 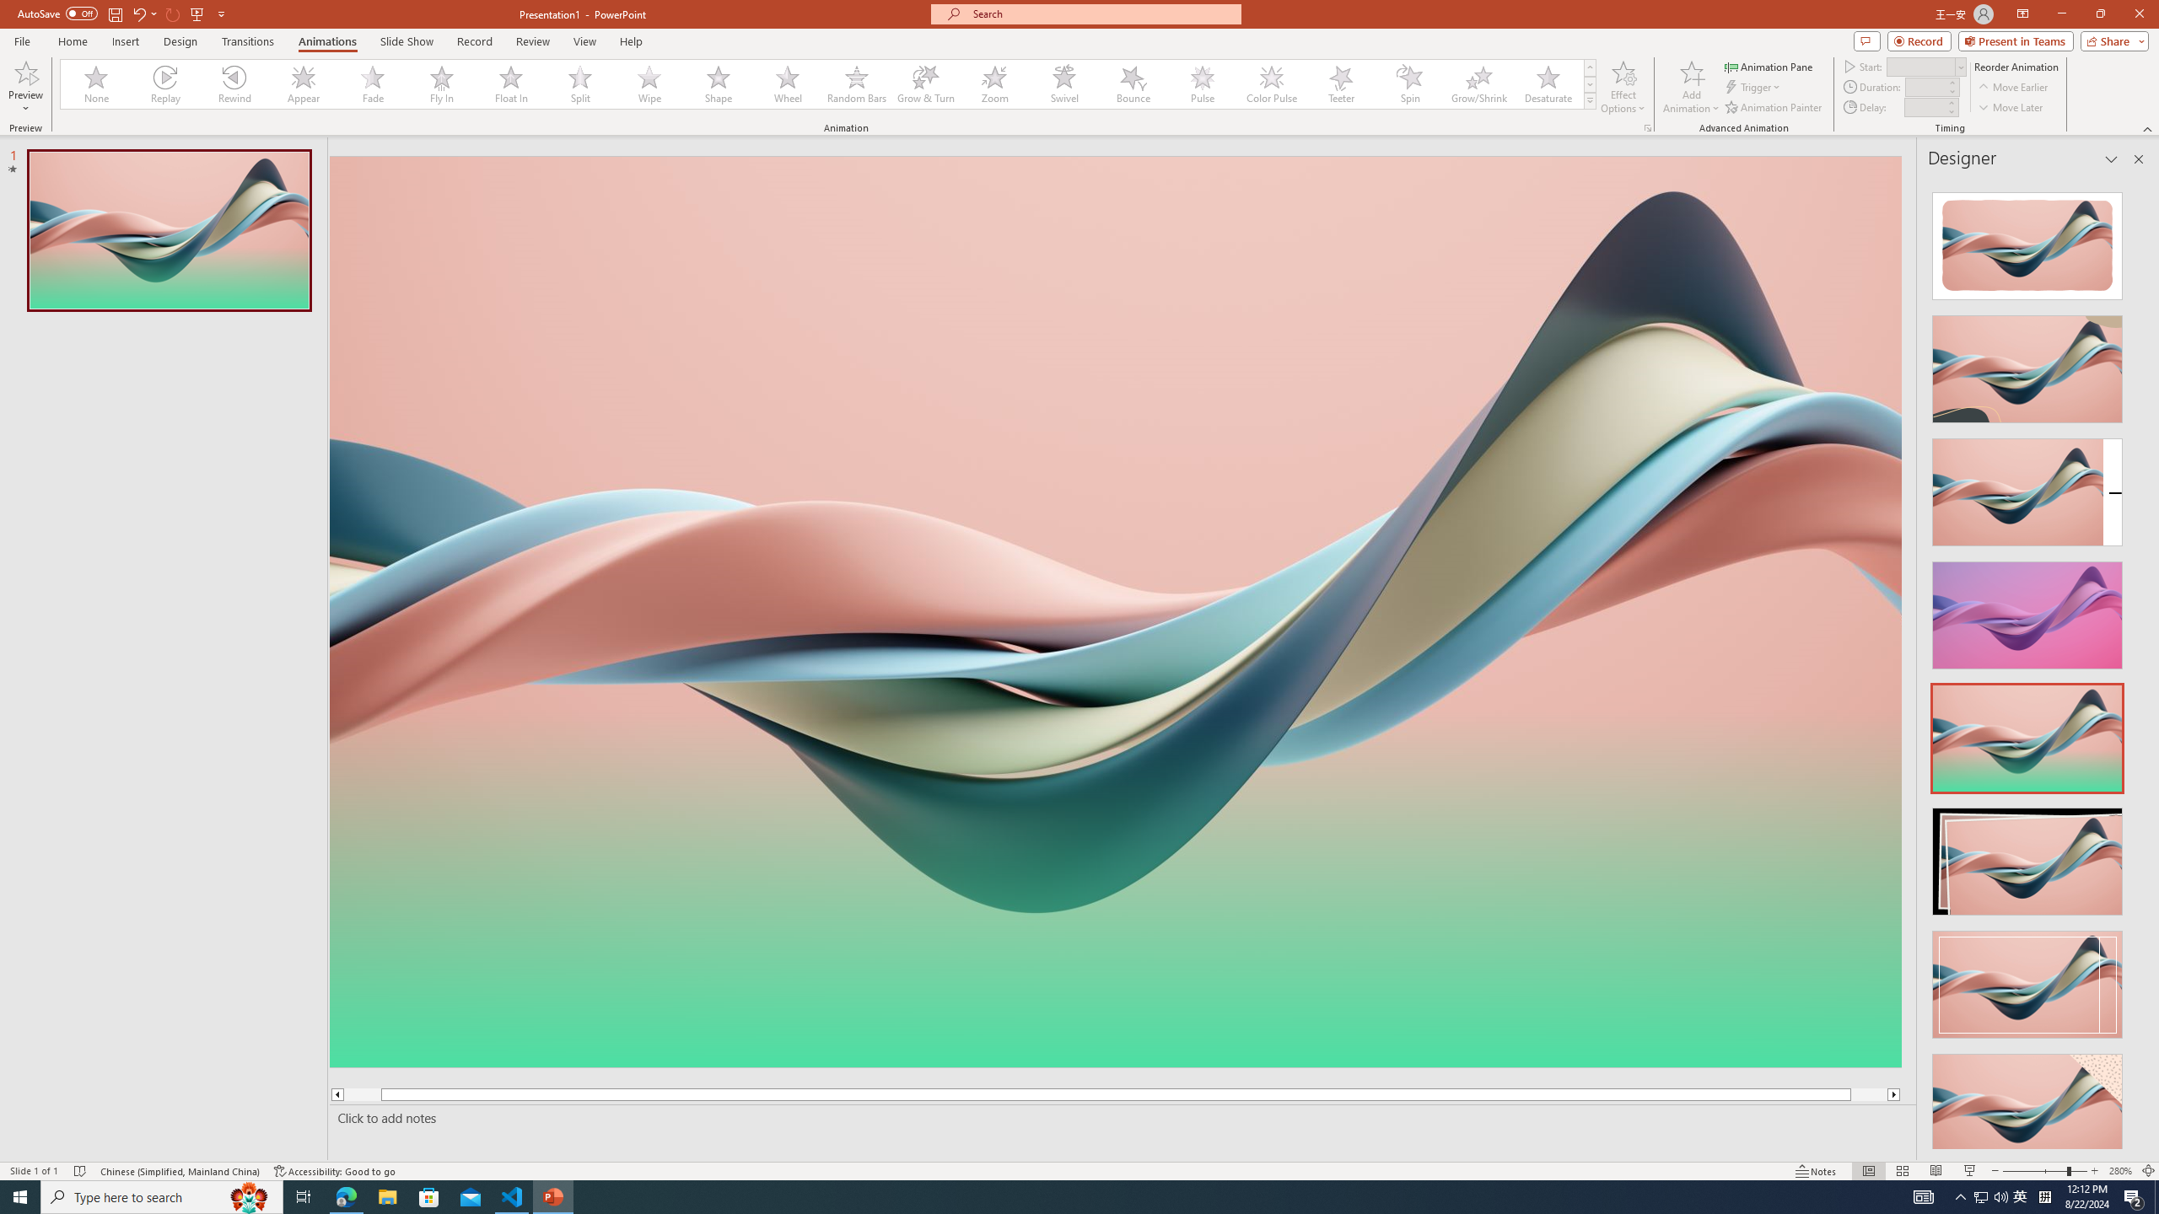 What do you see at coordinates (234, 83) in the screenshot?
I see `'Rewind'` at bounding box center [234, 83].